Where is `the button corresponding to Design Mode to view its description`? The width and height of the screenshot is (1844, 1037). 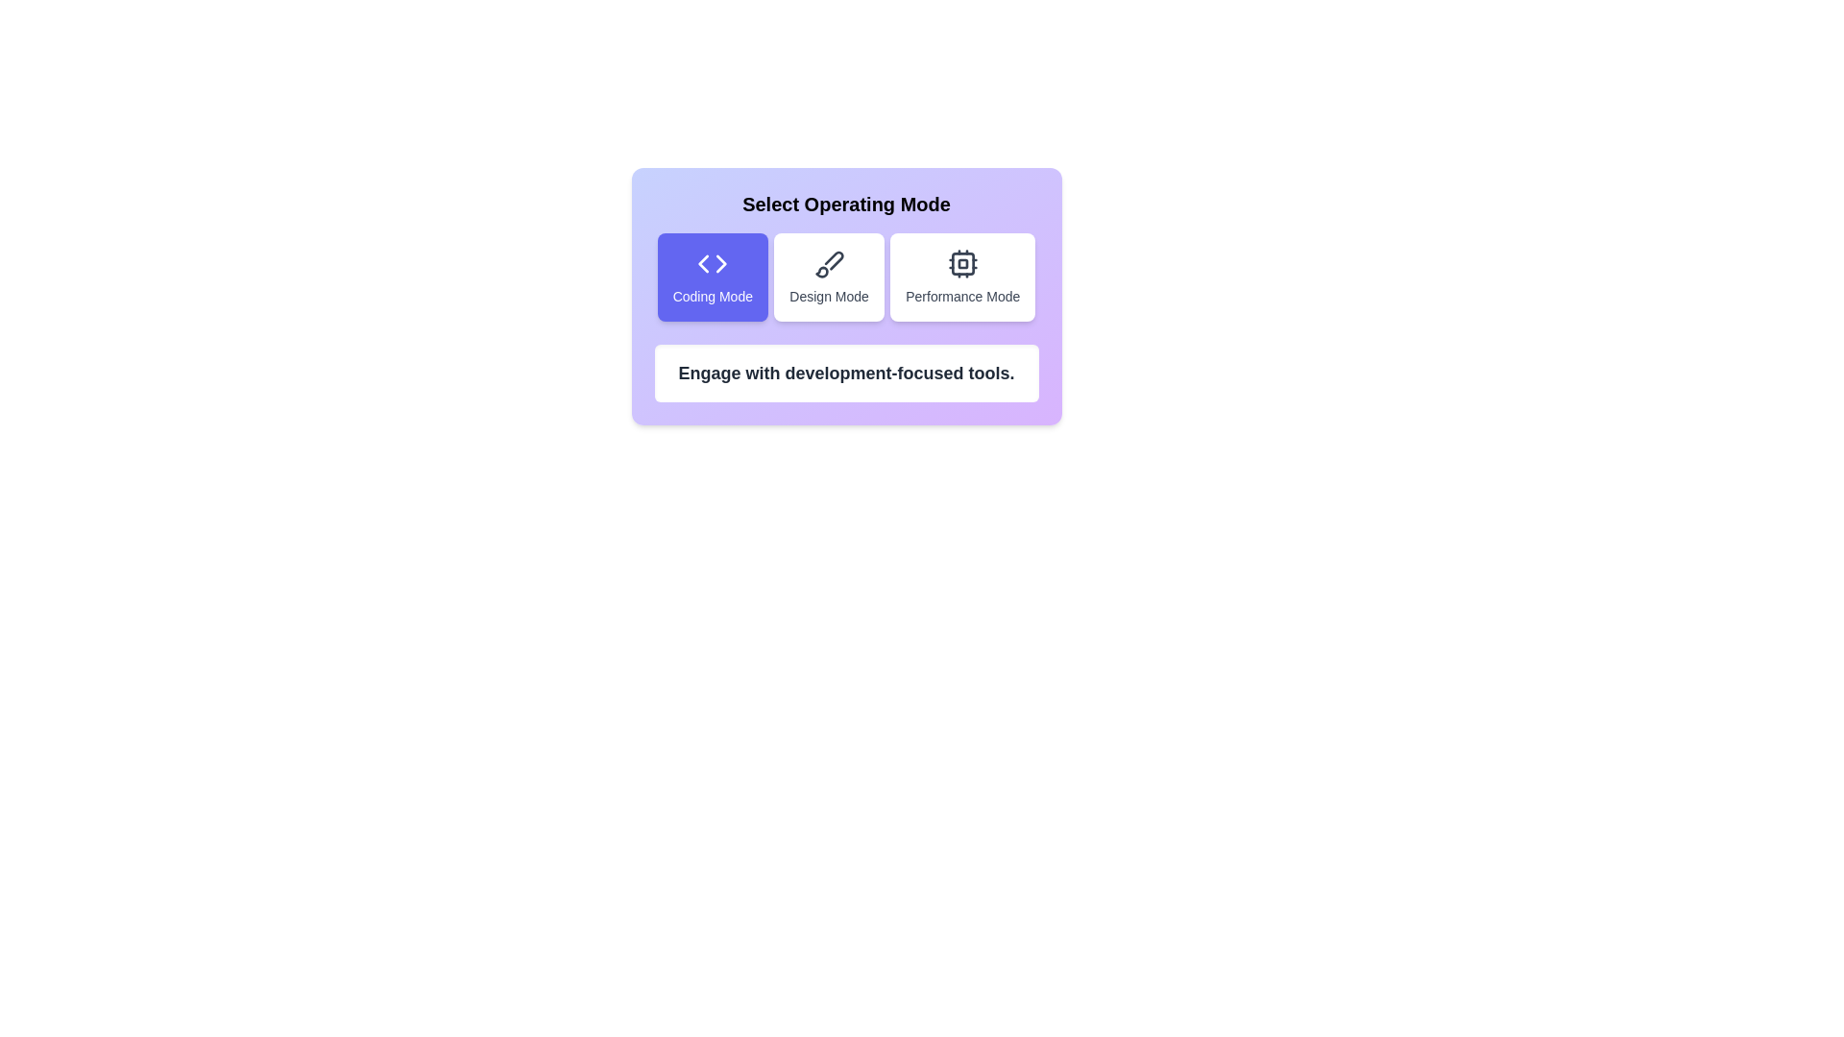 the button corresponding to Design Mode to view its description is located at coordinates (829, 277).